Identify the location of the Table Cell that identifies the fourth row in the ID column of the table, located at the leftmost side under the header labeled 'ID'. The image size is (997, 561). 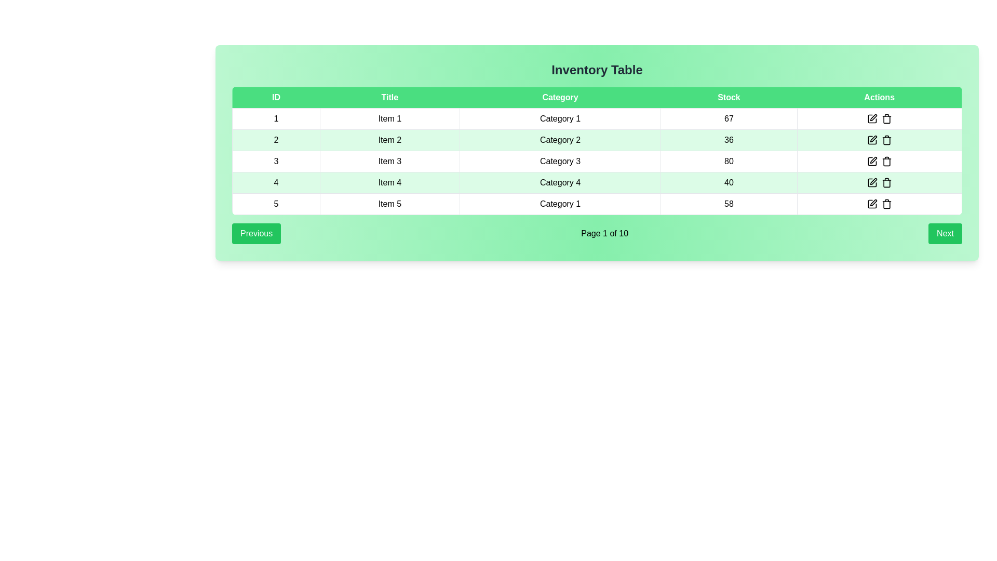
(276, 182).